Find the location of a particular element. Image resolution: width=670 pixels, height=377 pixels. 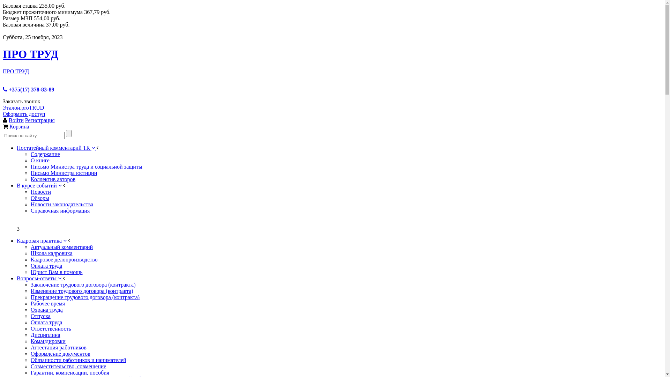

'+375(17) 378-83-89' is located at coordinates (28, 89).